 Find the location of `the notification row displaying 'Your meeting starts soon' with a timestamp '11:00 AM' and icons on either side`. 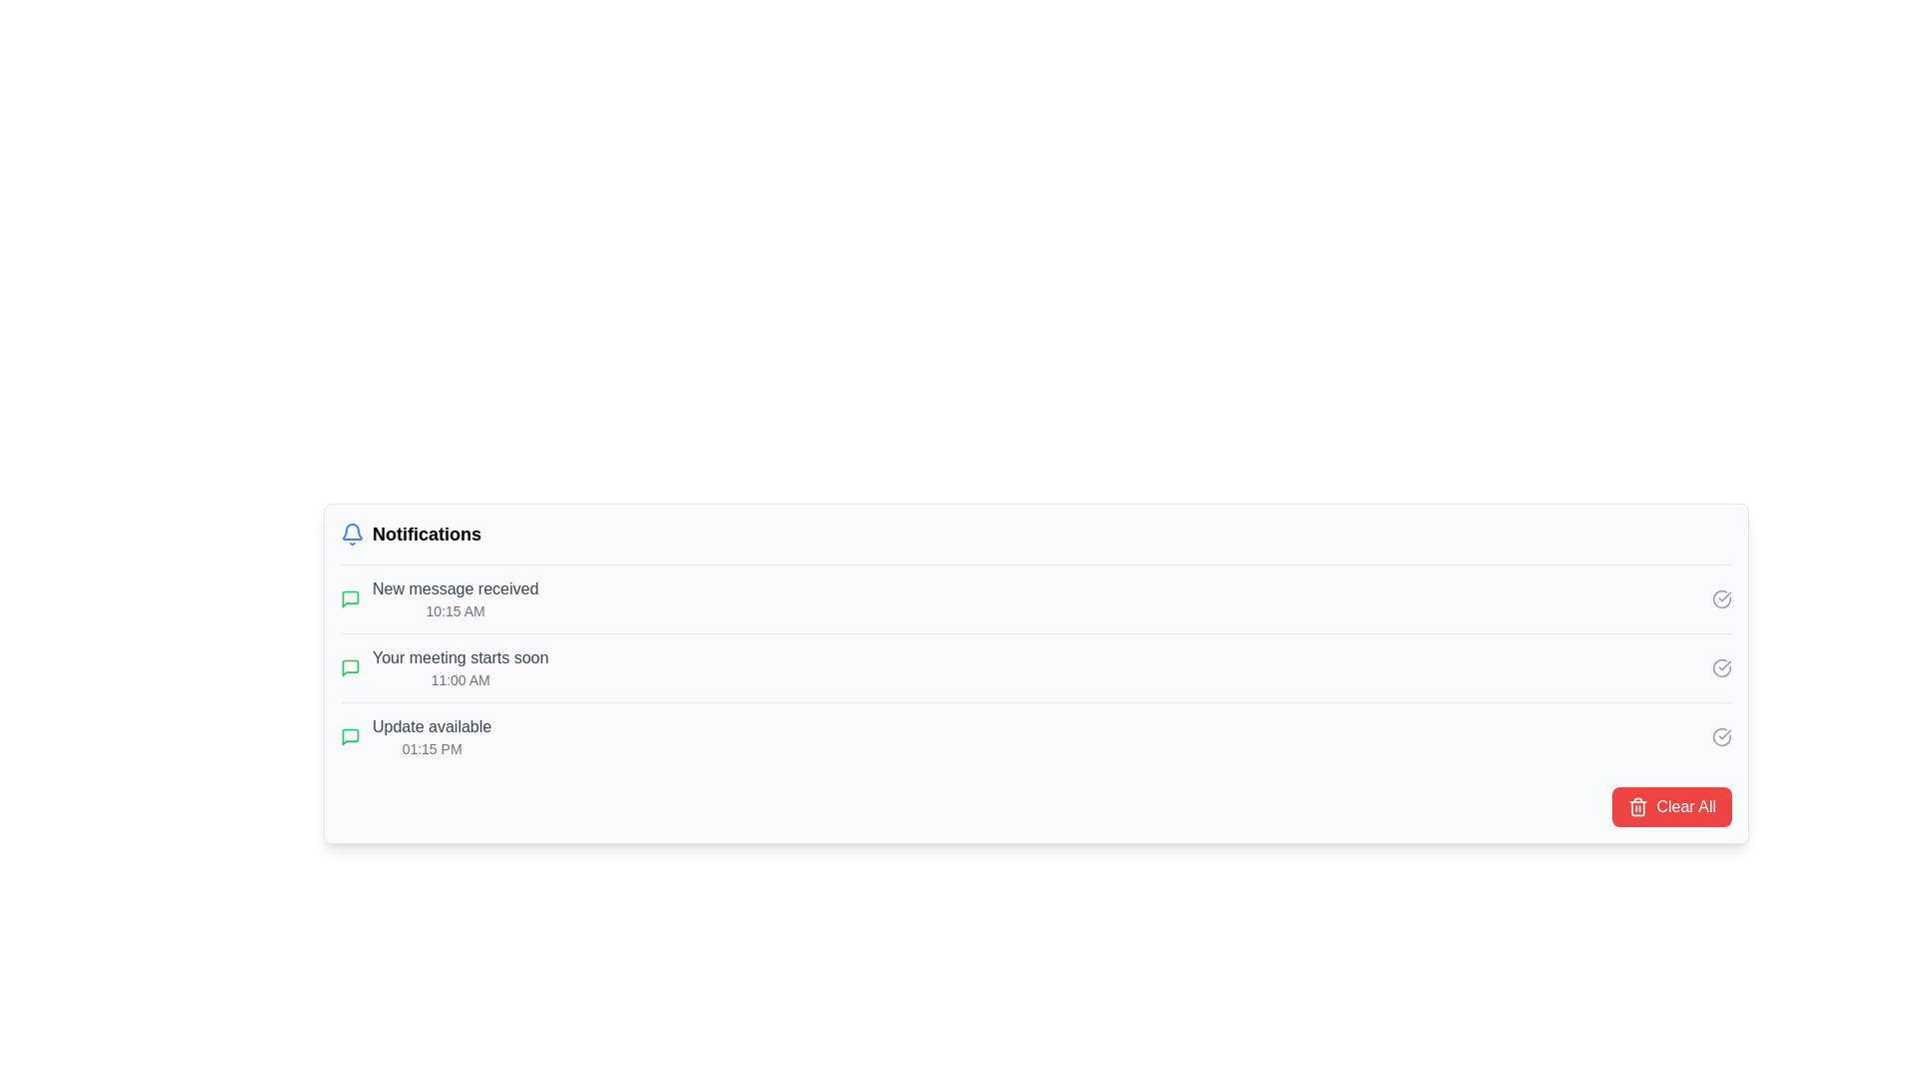

the notification row displaying 'Your meeting starts soon' with a timestamp '11:00 AM' and icons on either side is located at coordinates (1036, 667).